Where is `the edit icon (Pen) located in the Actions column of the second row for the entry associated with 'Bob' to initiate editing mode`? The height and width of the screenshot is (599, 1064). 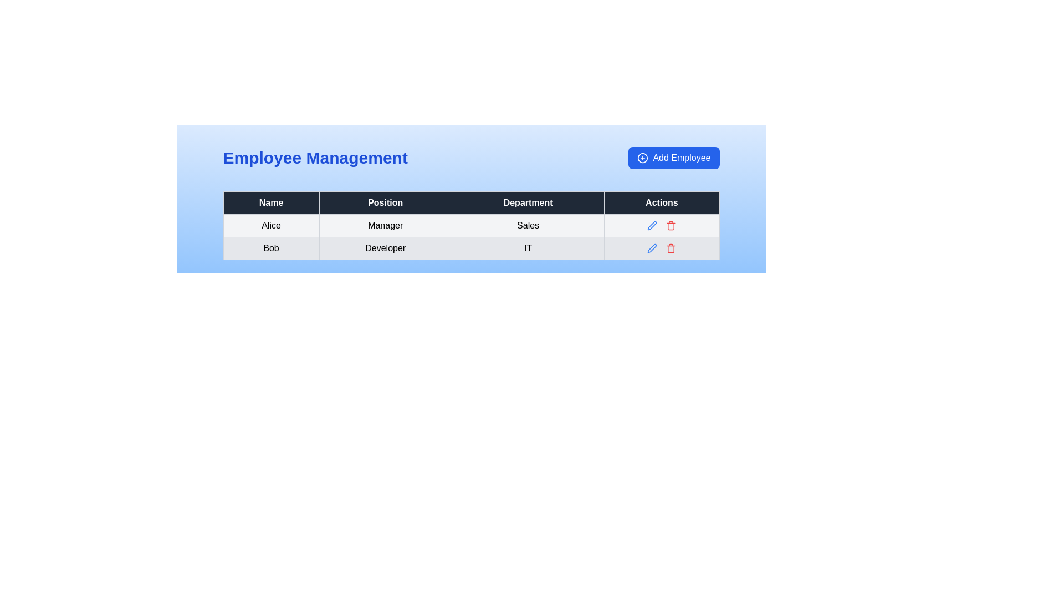
the edit icon (Pen) located in the Actions column of the second row for the entry associated with 'Bob' to initiate editing mode is located at coordinates (652, 225).